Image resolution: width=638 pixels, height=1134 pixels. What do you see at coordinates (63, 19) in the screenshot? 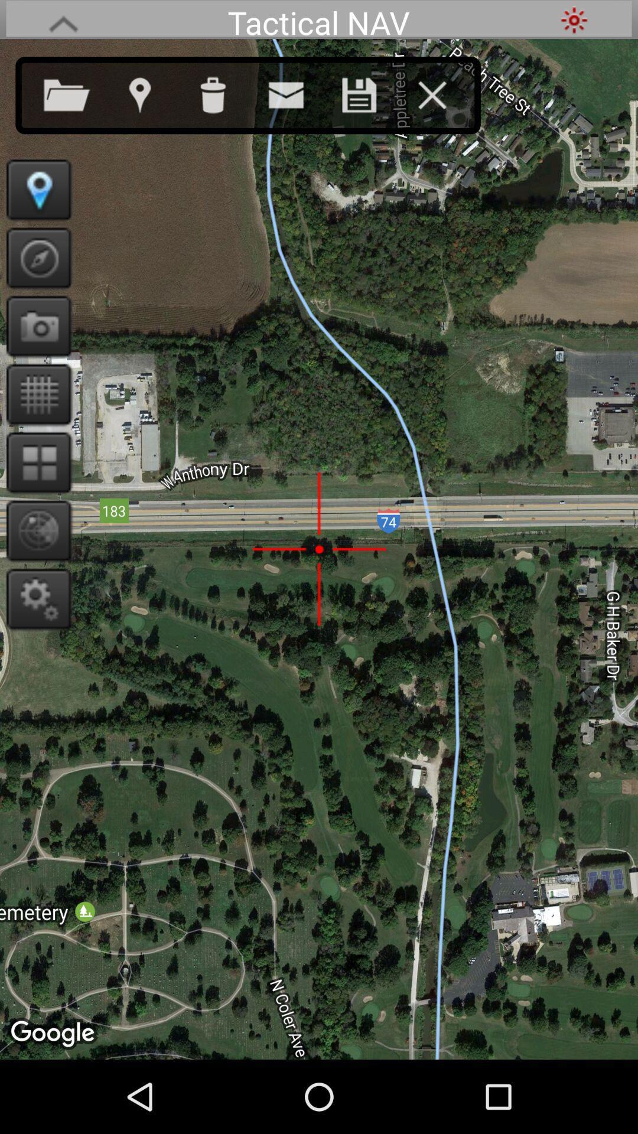
I see `the item to the left of the tactical nav app` at bounding box center [63, 19].